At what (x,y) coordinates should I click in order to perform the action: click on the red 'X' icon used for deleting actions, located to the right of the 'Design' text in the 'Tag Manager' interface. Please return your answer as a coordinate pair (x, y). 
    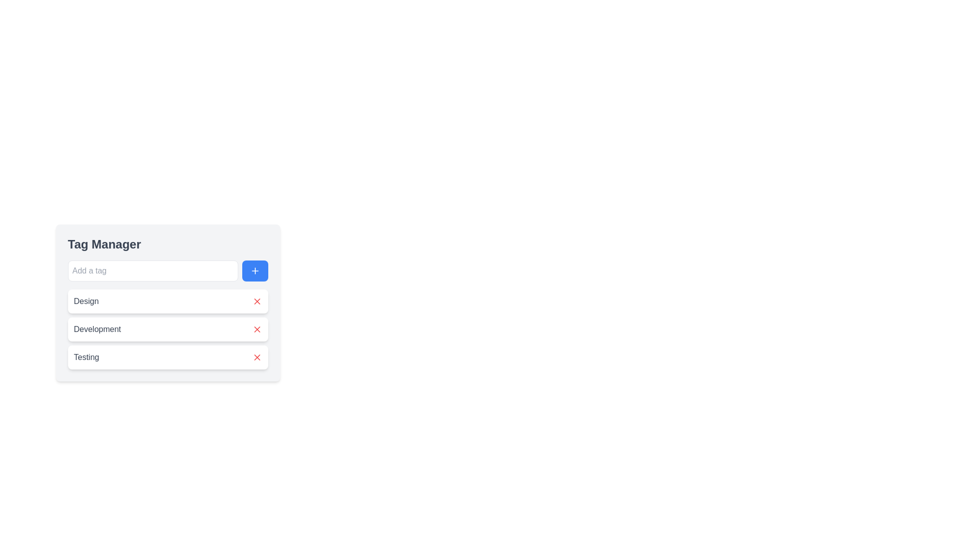
    Looking at the image, I should click on (257, 300).